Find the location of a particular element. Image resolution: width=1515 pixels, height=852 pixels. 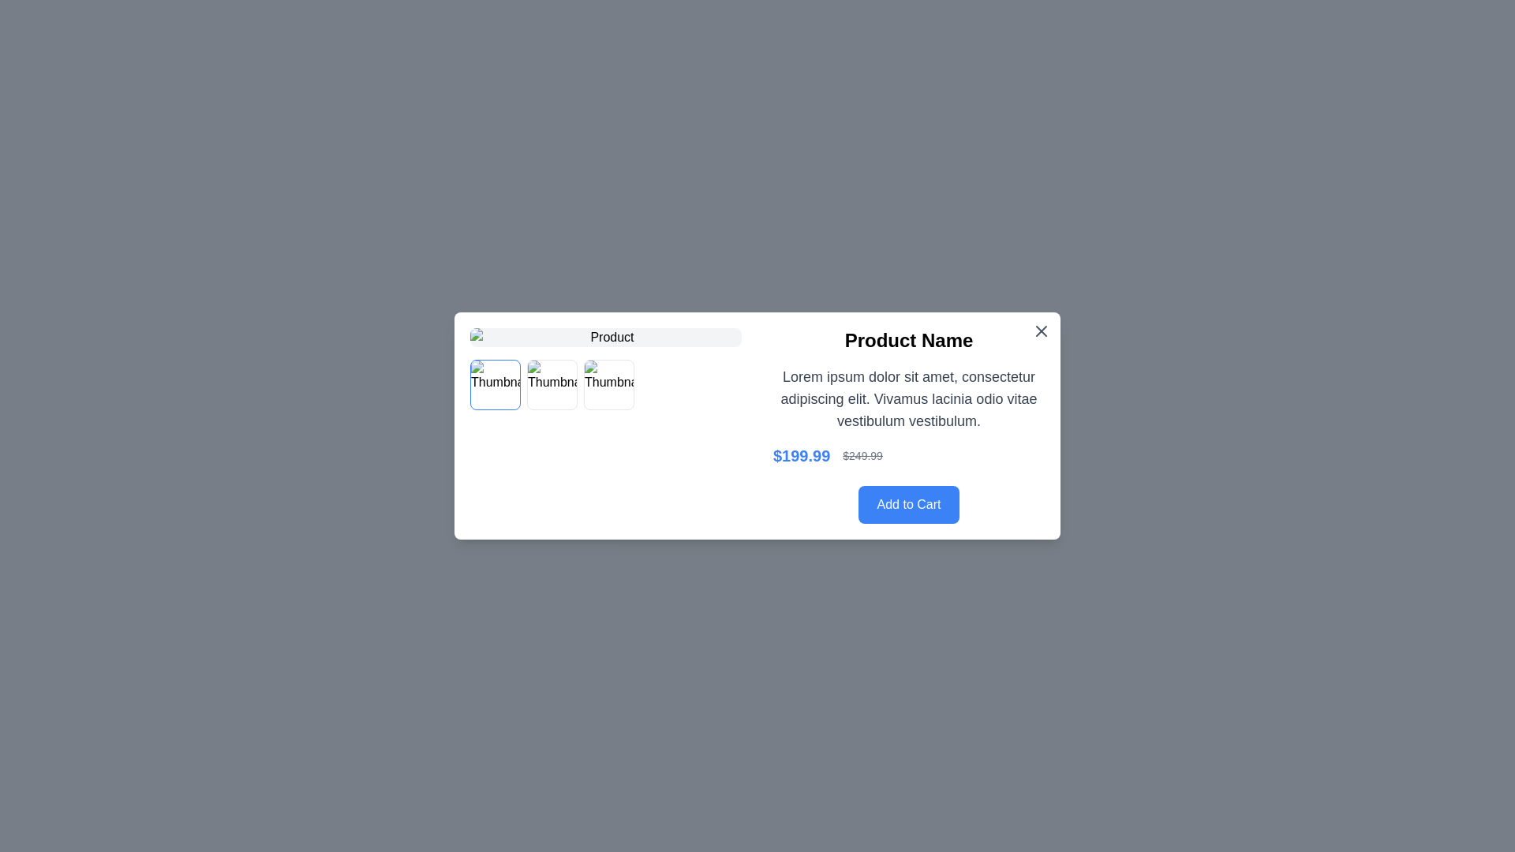

the first thumbnail in the sequence is located at coordinates (495, 385).